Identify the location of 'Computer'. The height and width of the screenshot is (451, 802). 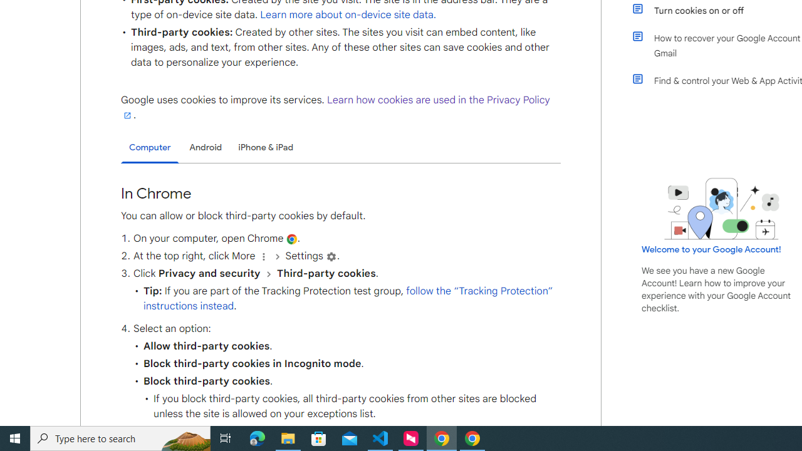
(150, 147).